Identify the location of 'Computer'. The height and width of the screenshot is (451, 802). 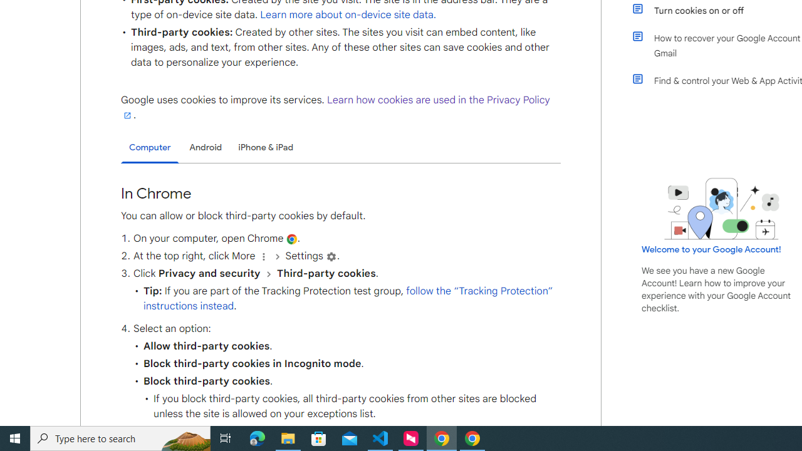
(150, 147).